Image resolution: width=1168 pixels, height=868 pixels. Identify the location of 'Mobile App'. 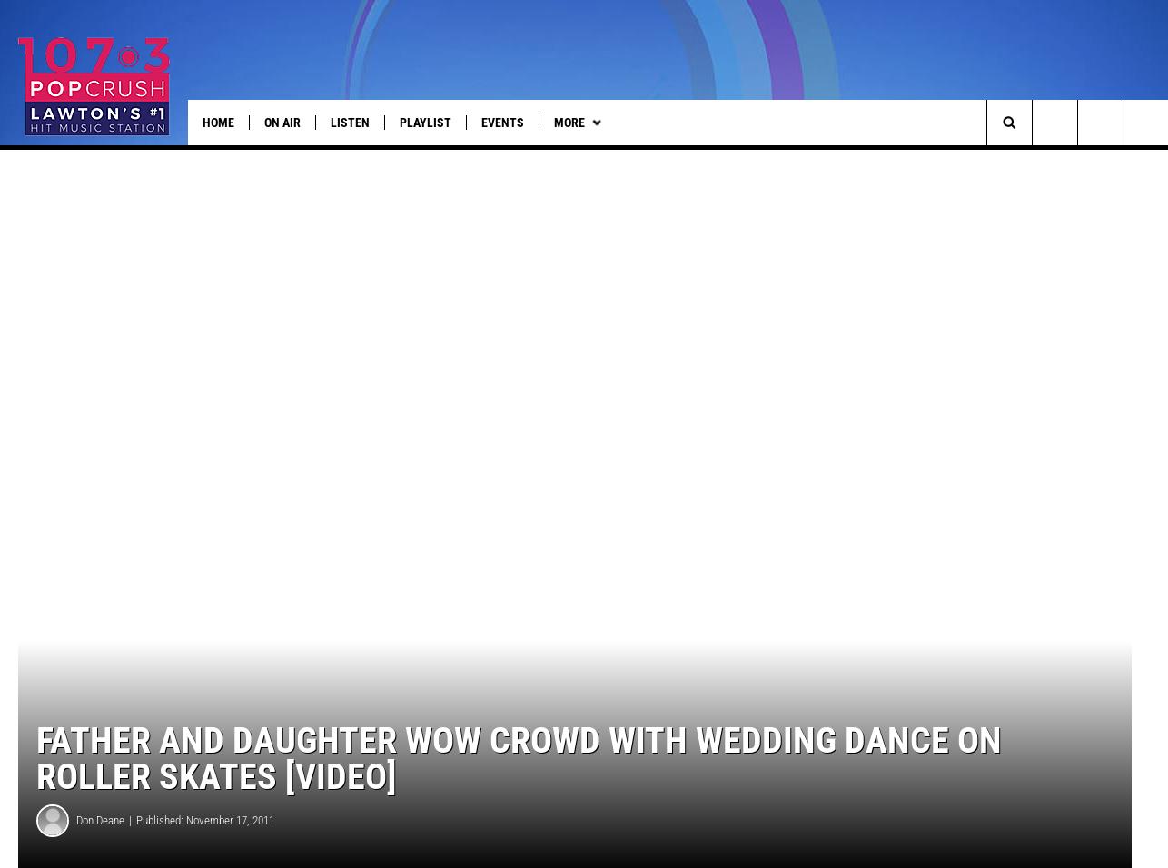
(692, 159).